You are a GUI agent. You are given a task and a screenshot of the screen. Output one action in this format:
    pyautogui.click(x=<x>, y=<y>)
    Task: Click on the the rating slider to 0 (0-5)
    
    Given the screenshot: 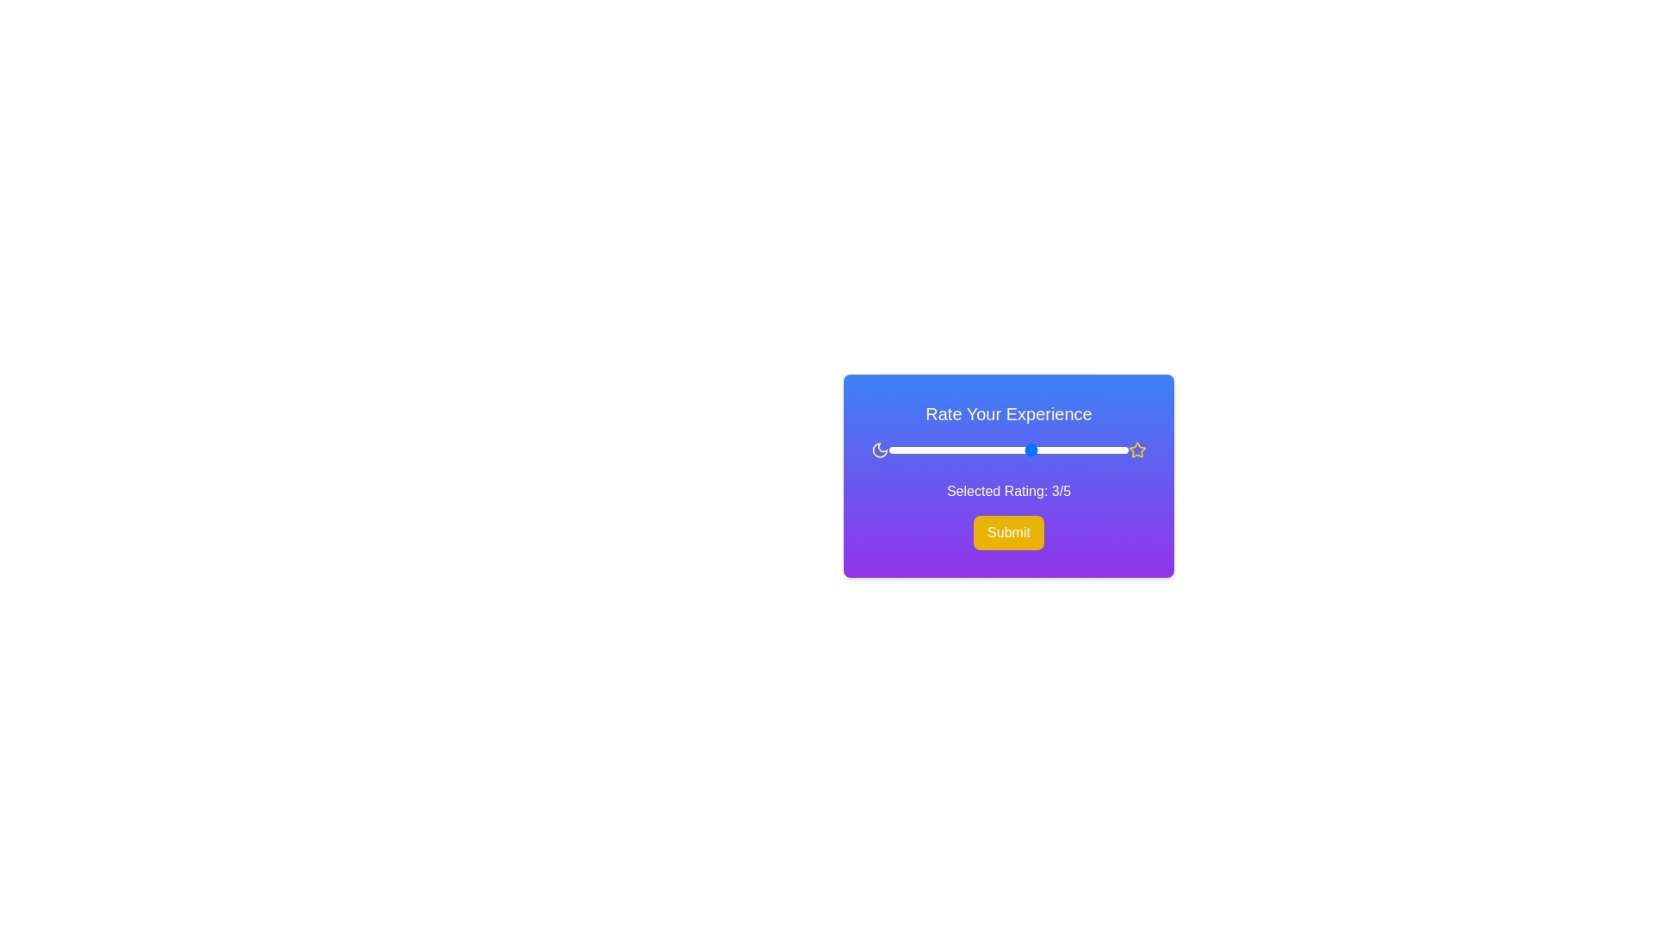 What is the action you would take?
    pyautogui.click(x=888, y=449)
    